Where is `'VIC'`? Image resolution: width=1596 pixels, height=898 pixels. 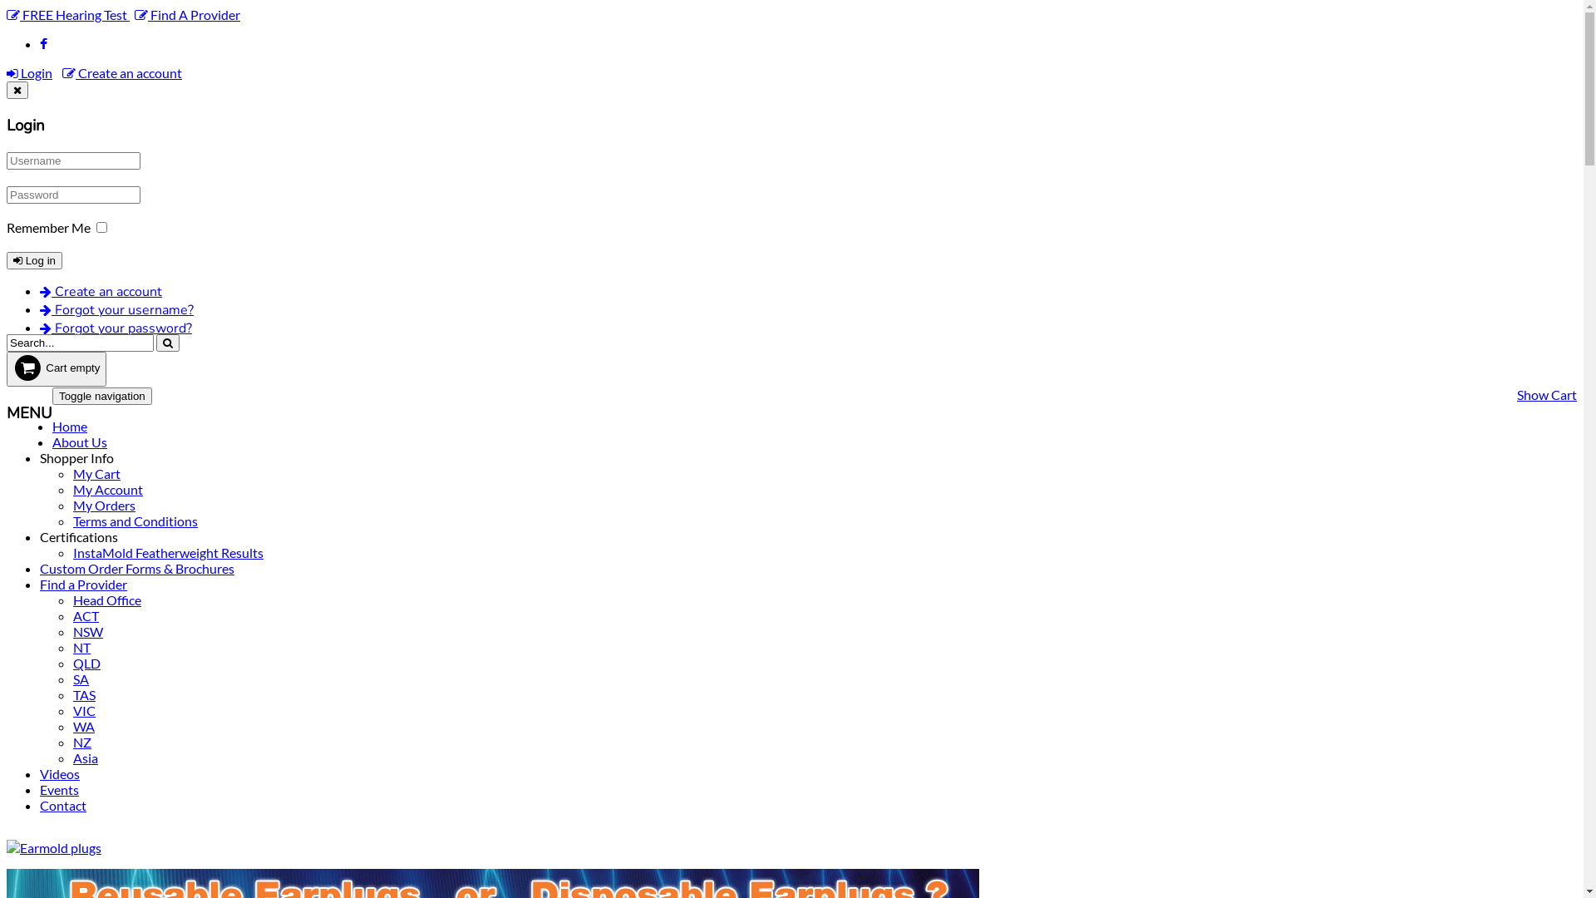
'VIC' is located at coordinates (83, 710).